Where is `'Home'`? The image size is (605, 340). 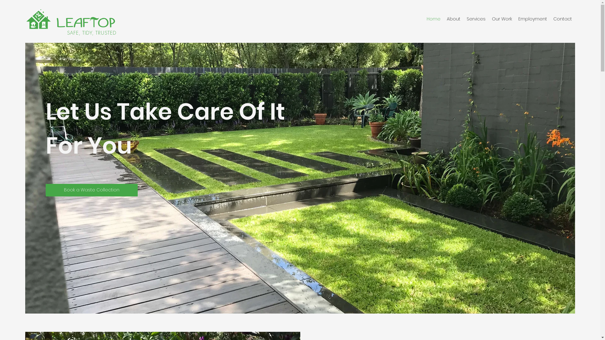
'Home' is located at coordinates (433, 19).